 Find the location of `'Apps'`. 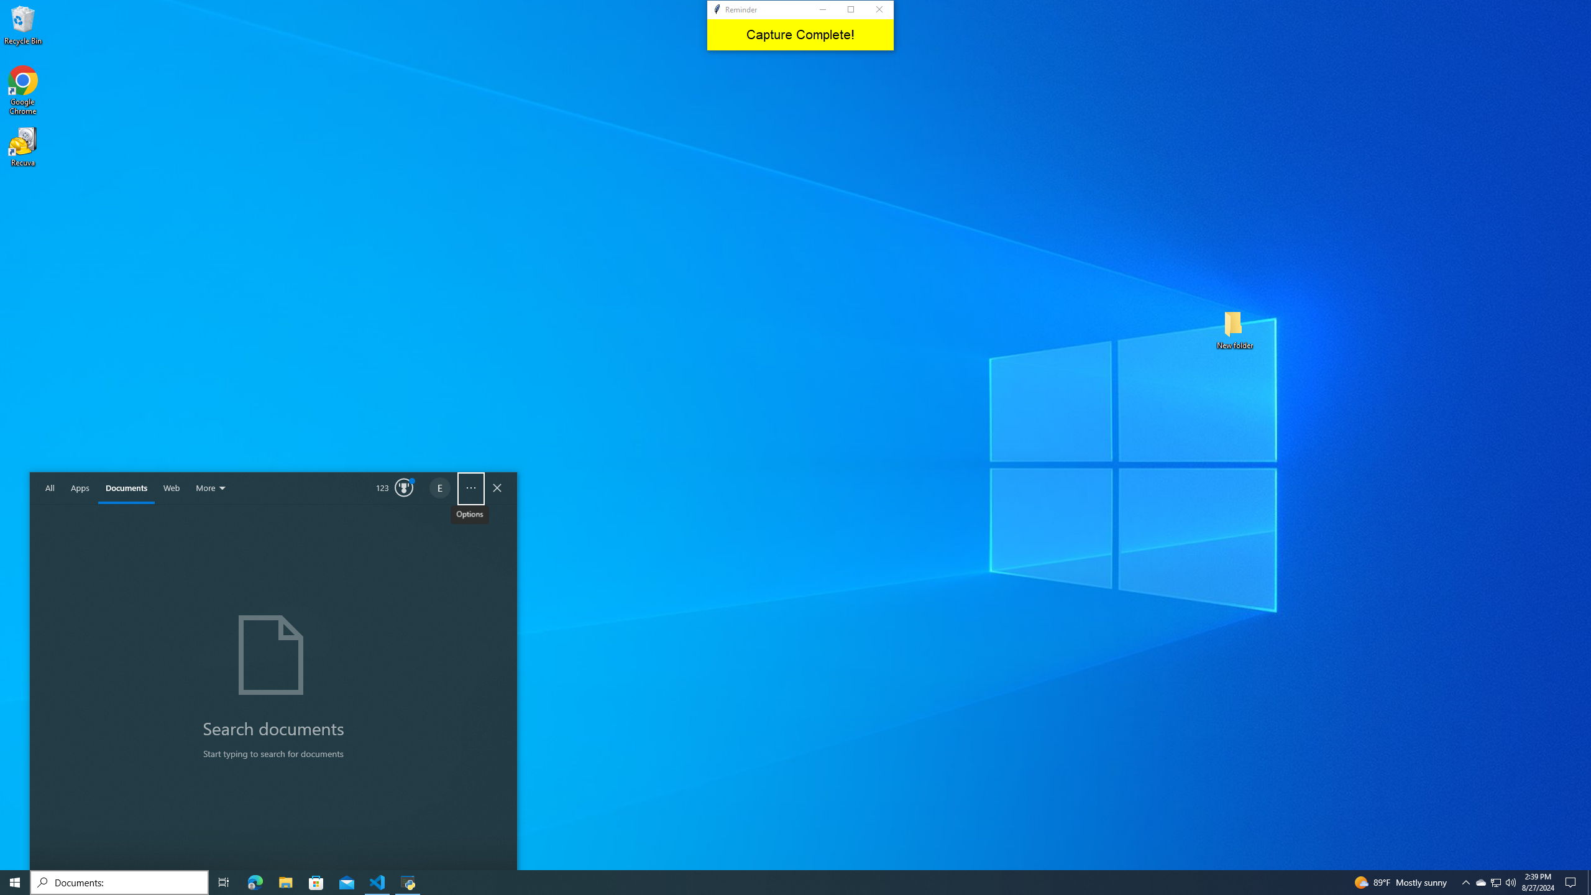

'Apps' is located at coordinates (80, 488).